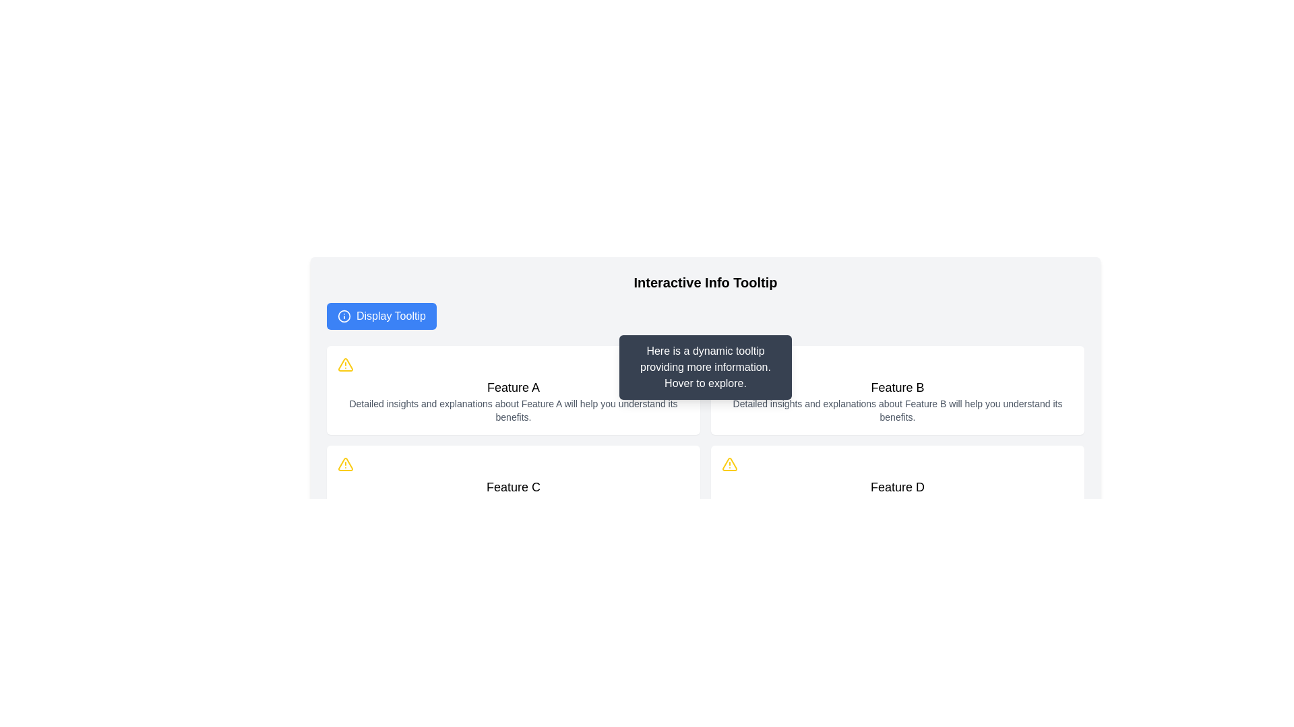  What do you see at coordinates (729, 464) in the screenshot?
I see `the informational or warning icon located in the upper part of the 'Feature C' section` at bounding box center [729, 464].